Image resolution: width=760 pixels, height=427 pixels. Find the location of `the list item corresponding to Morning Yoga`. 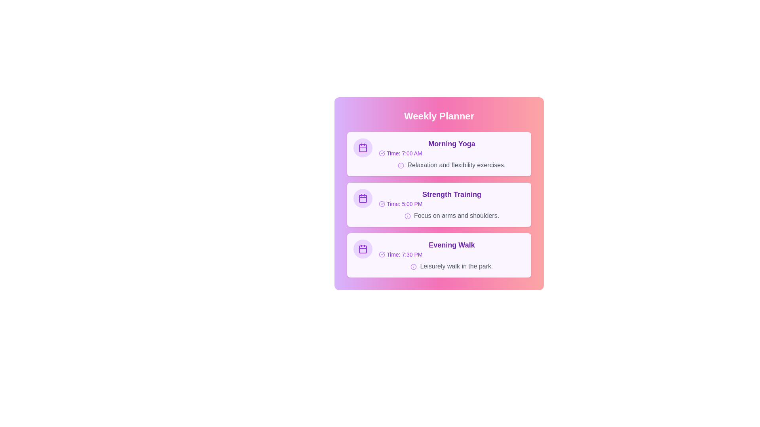

the list item corresponding to Morning Yoga is located at coordinates (439, 154).